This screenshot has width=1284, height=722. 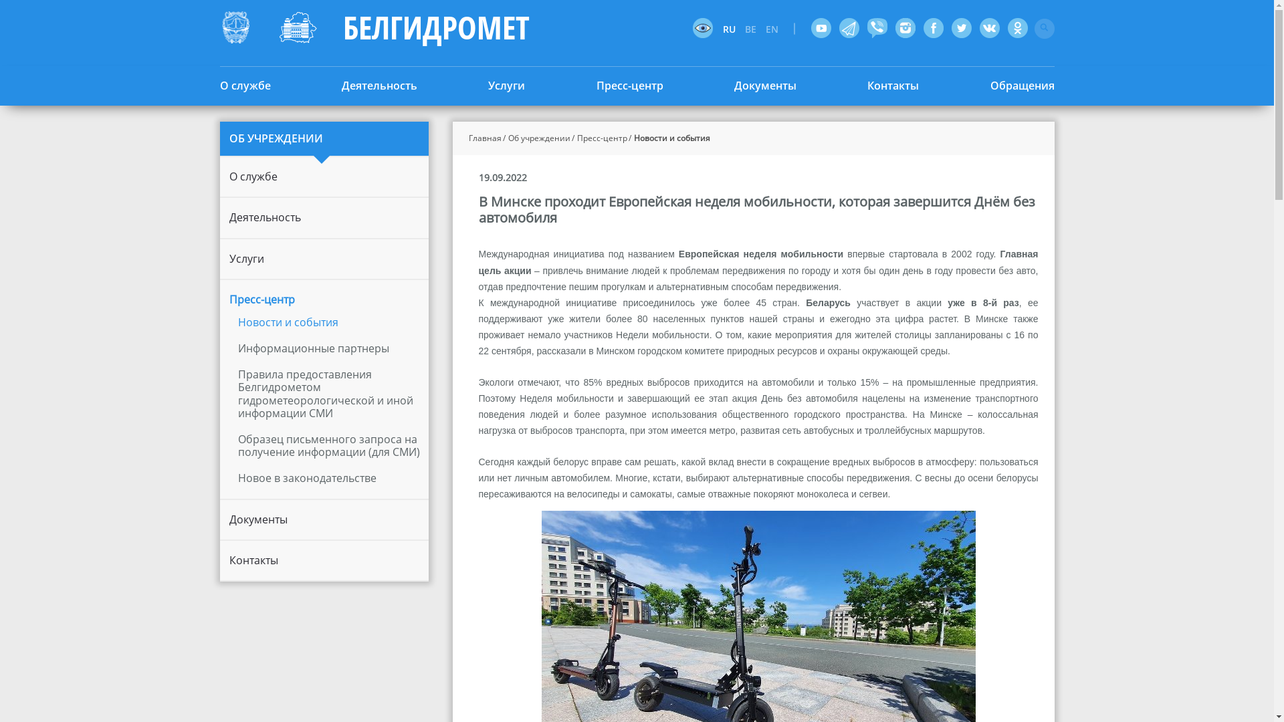 What do you see at coordinates (988, 28) in the screenshot?
I see `'vkontakte'` at bounding box center [988, 28].